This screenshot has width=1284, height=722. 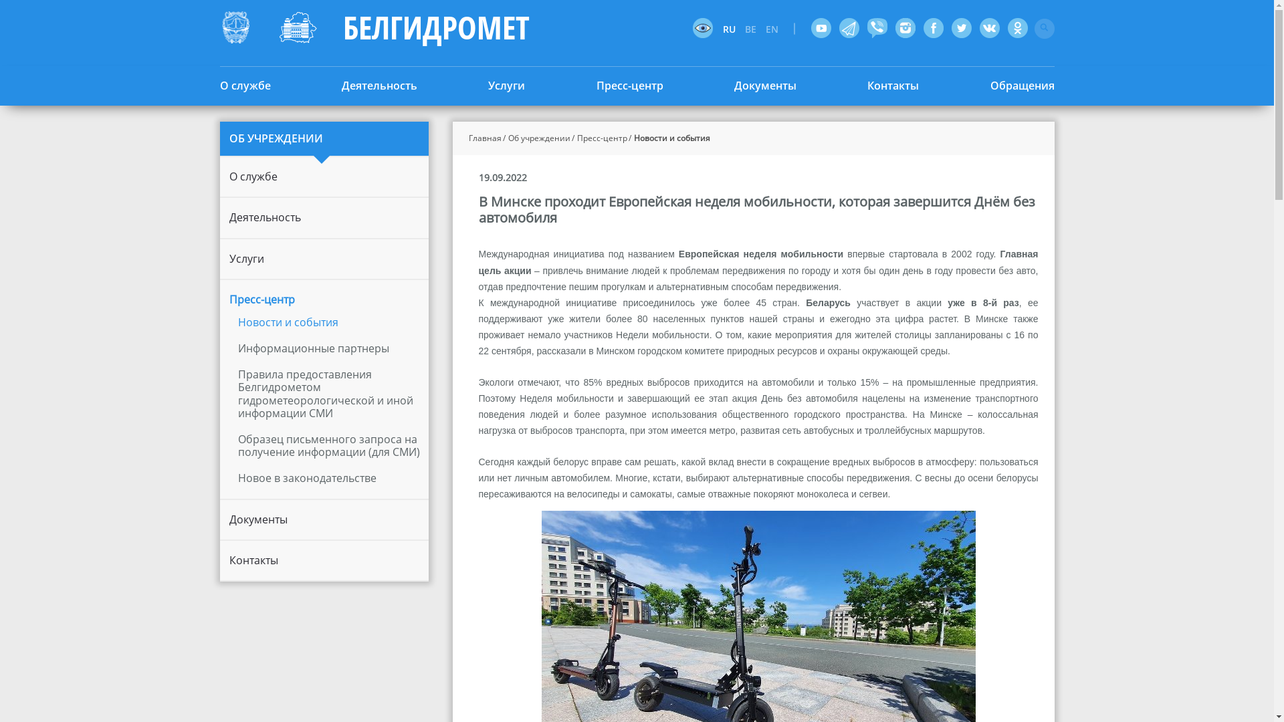 What do you see at coordinates (988, 28) in the screenshot?
I see `'vkontakte'` at bounding box center [988, 28].